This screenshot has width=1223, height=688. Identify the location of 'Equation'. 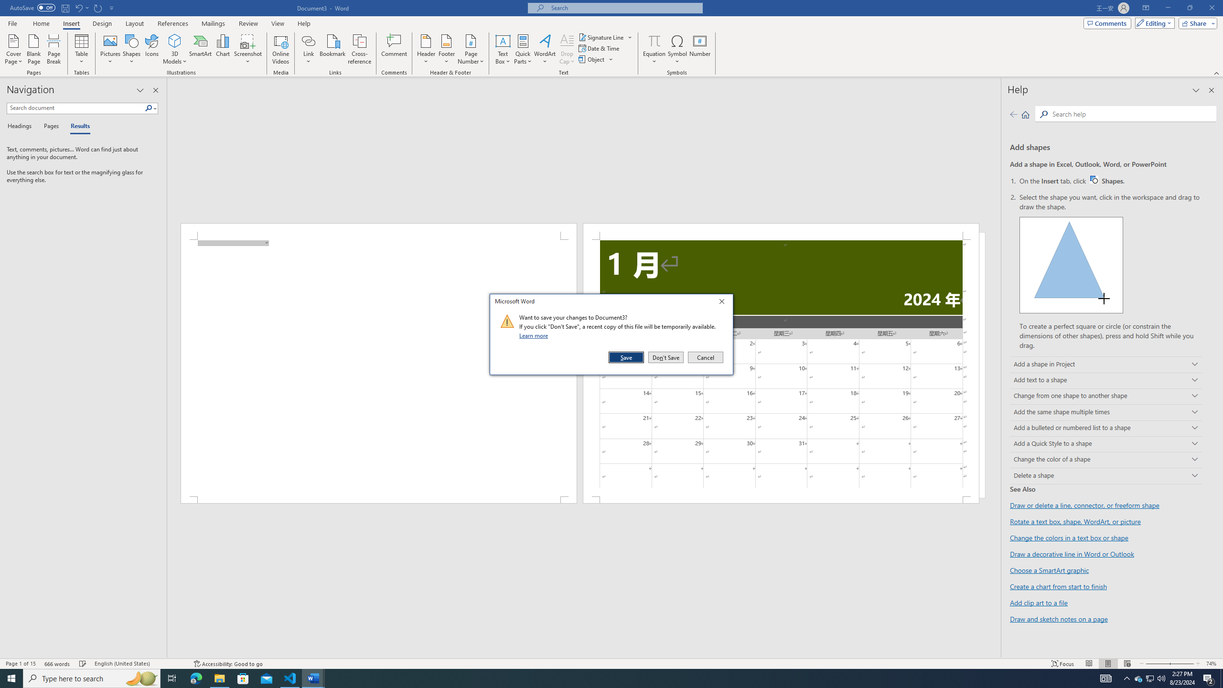
(654, 40).